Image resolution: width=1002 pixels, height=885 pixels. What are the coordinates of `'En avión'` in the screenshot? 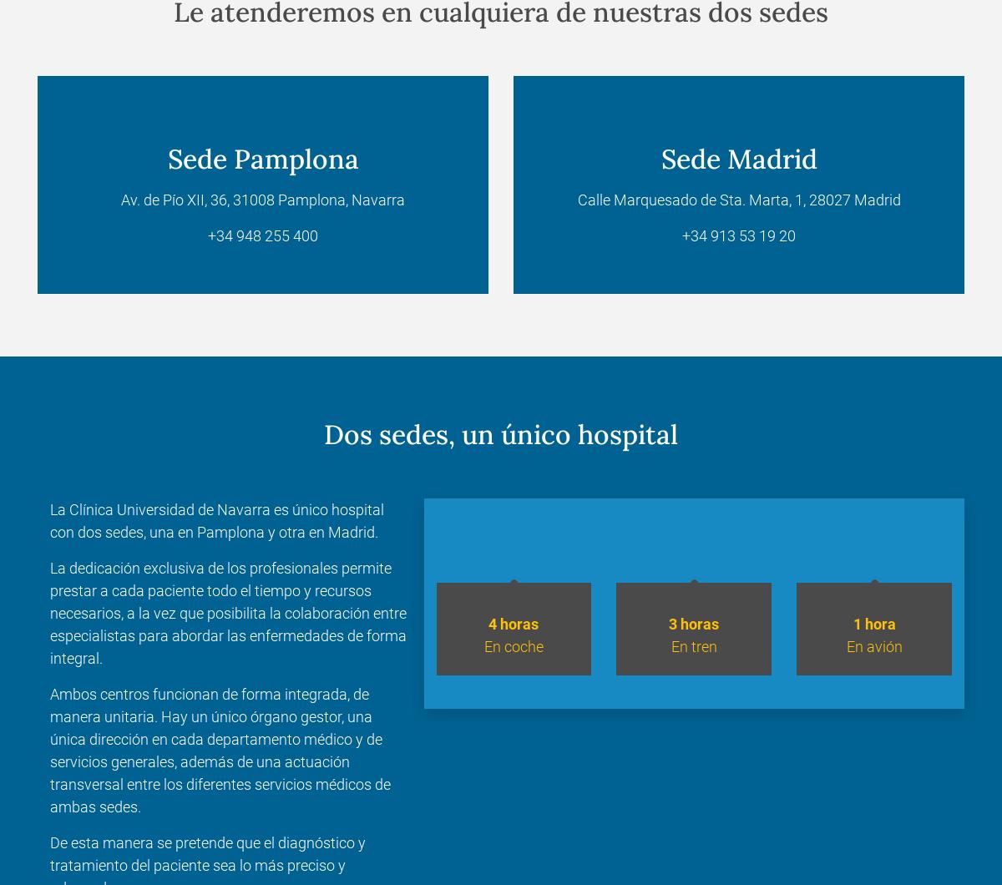 It's located at (873, 645).